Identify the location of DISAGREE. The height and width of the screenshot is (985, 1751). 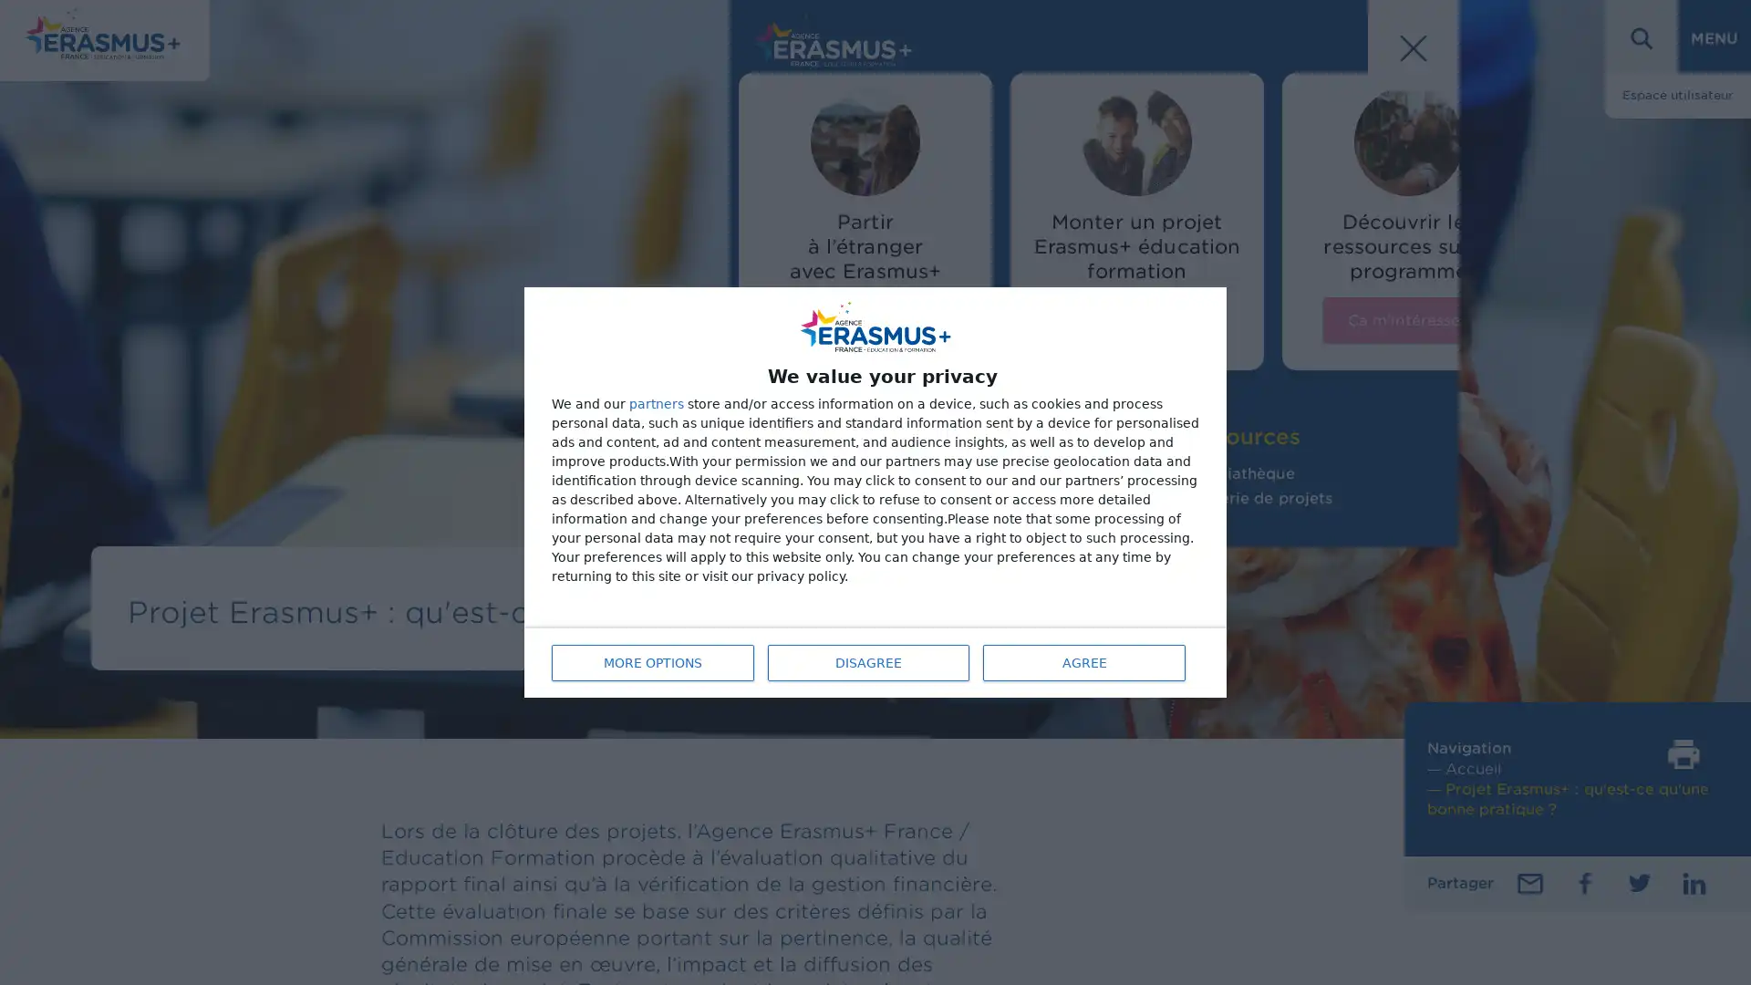
(866, 661).